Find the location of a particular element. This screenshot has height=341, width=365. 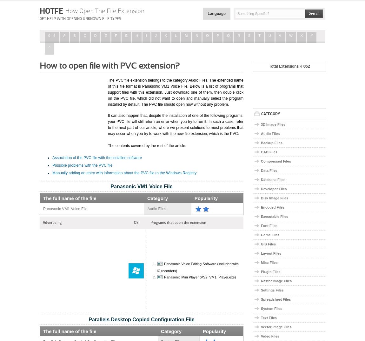

'Spreadsheet Files' is located at coordinates (276, 299).